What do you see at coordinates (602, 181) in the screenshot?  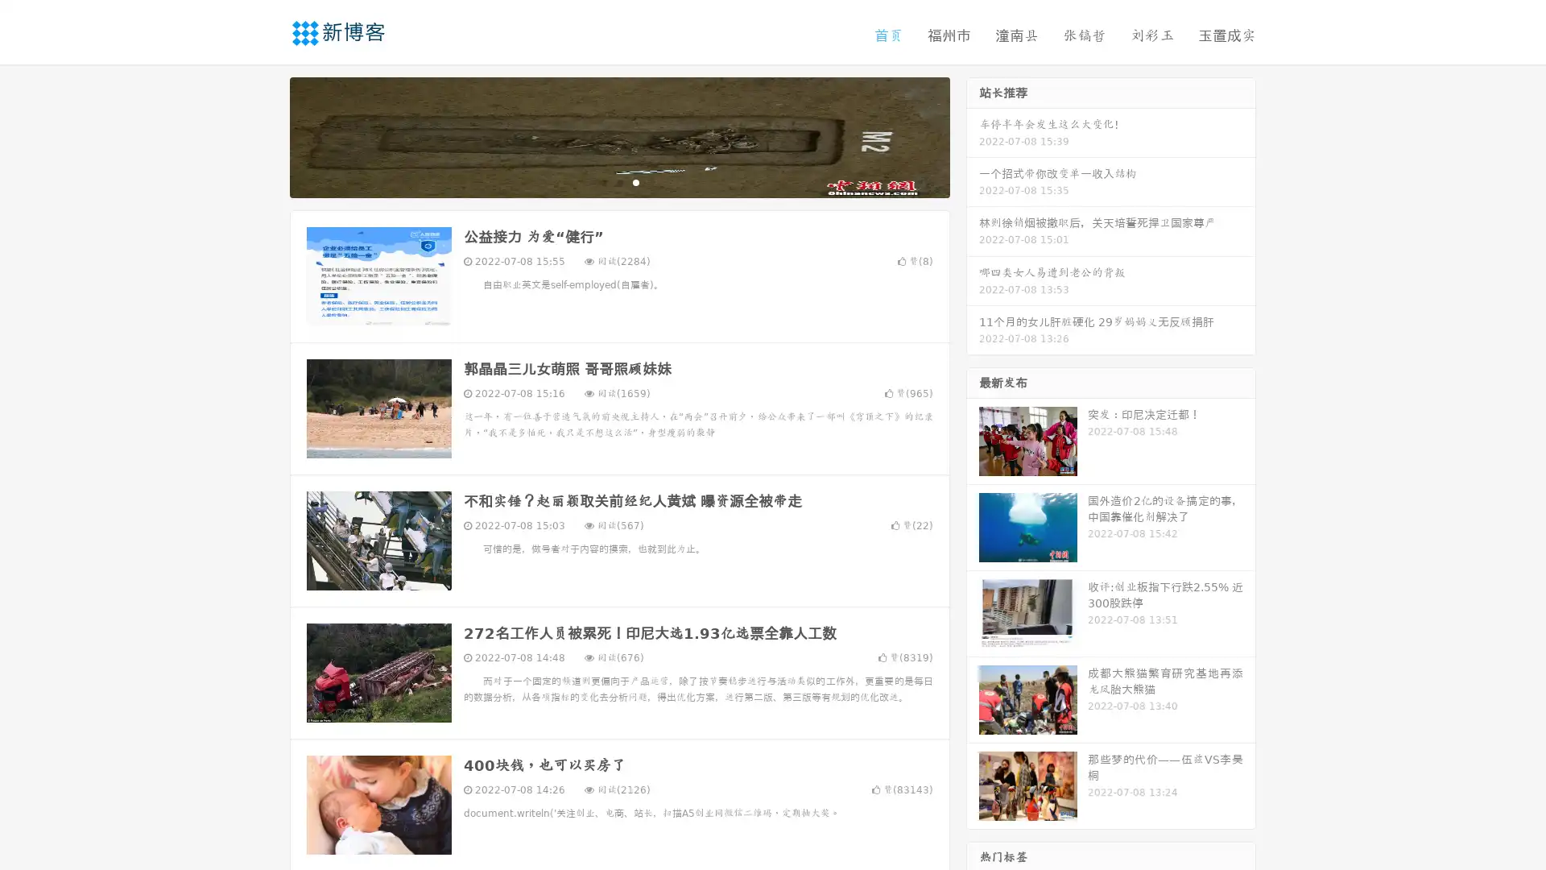 I see `Go to slide 1` at bounding box center [602, 181].